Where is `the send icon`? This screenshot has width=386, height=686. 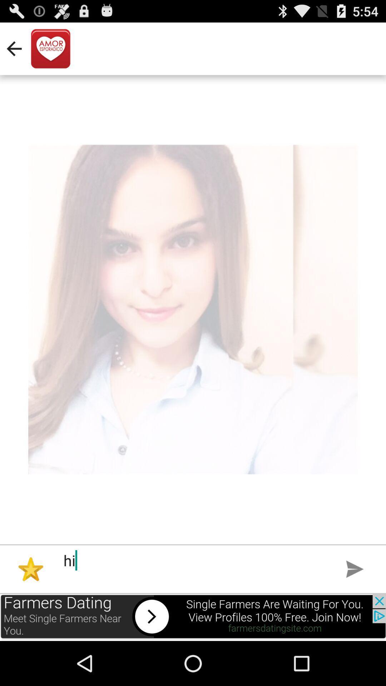 the send icon is located at coordinates (355, 608).